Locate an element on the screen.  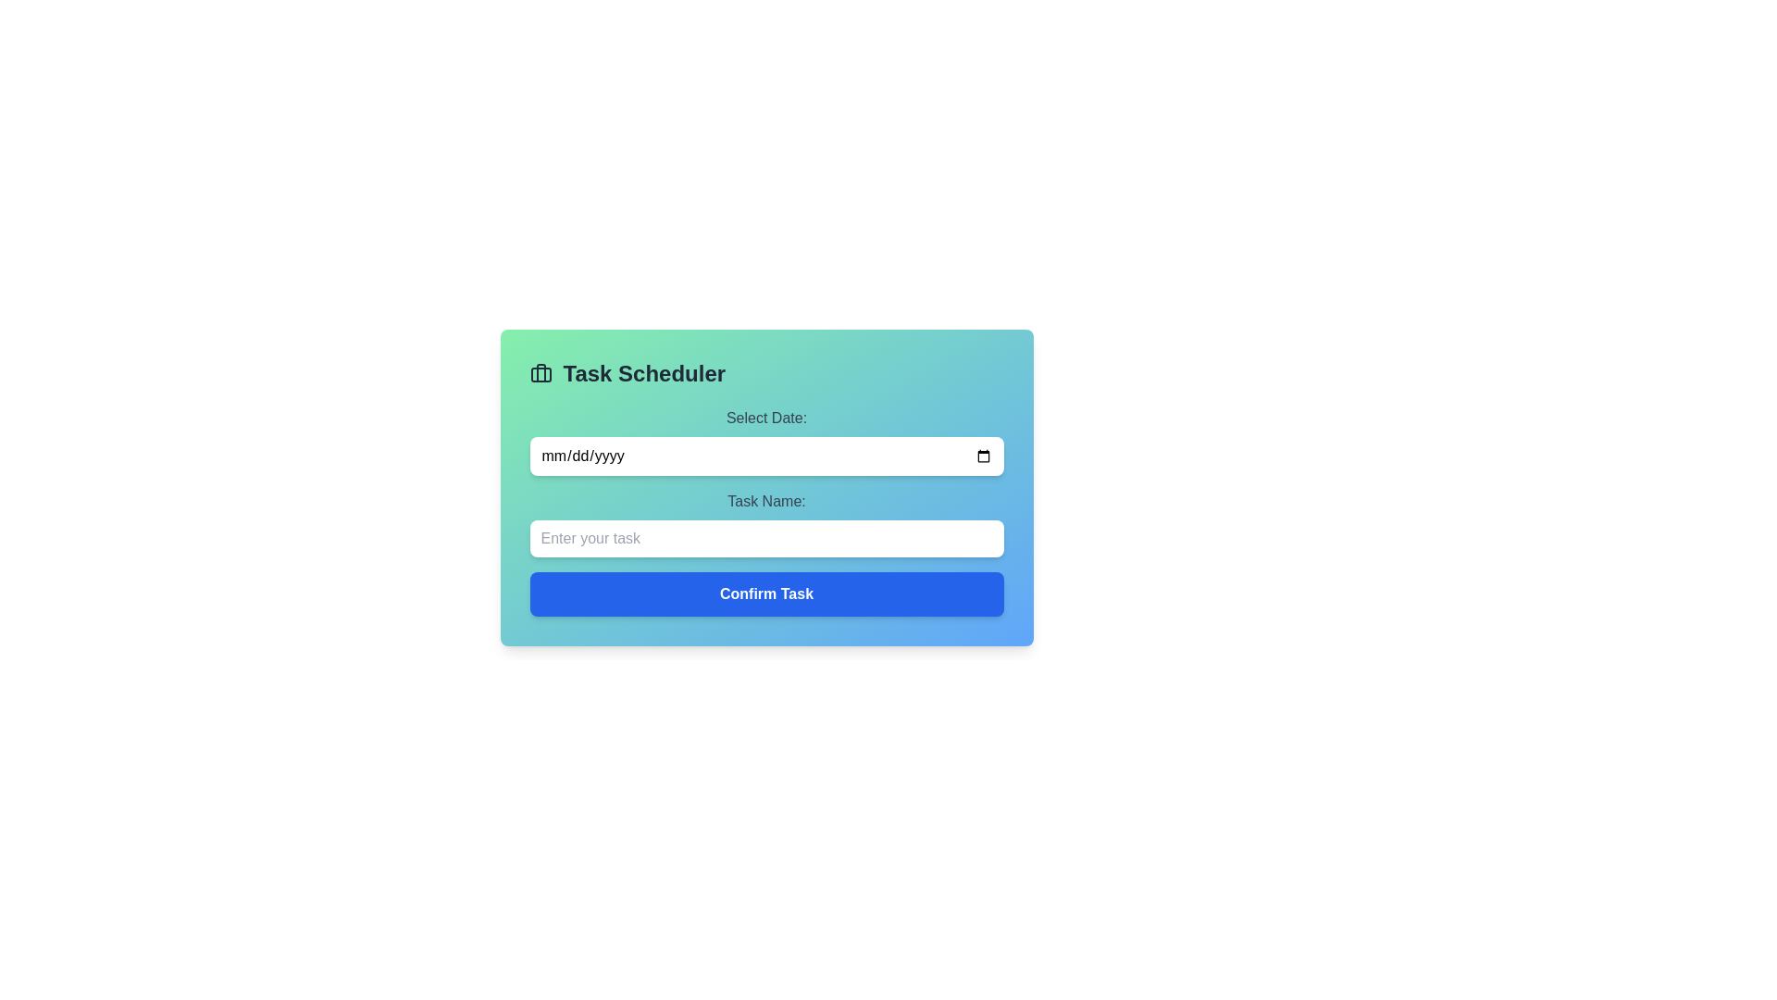
the briefcase-shaped vector icon located to the far left of the title heading 'Task Scheduler' is located at coordinates (540, 374).